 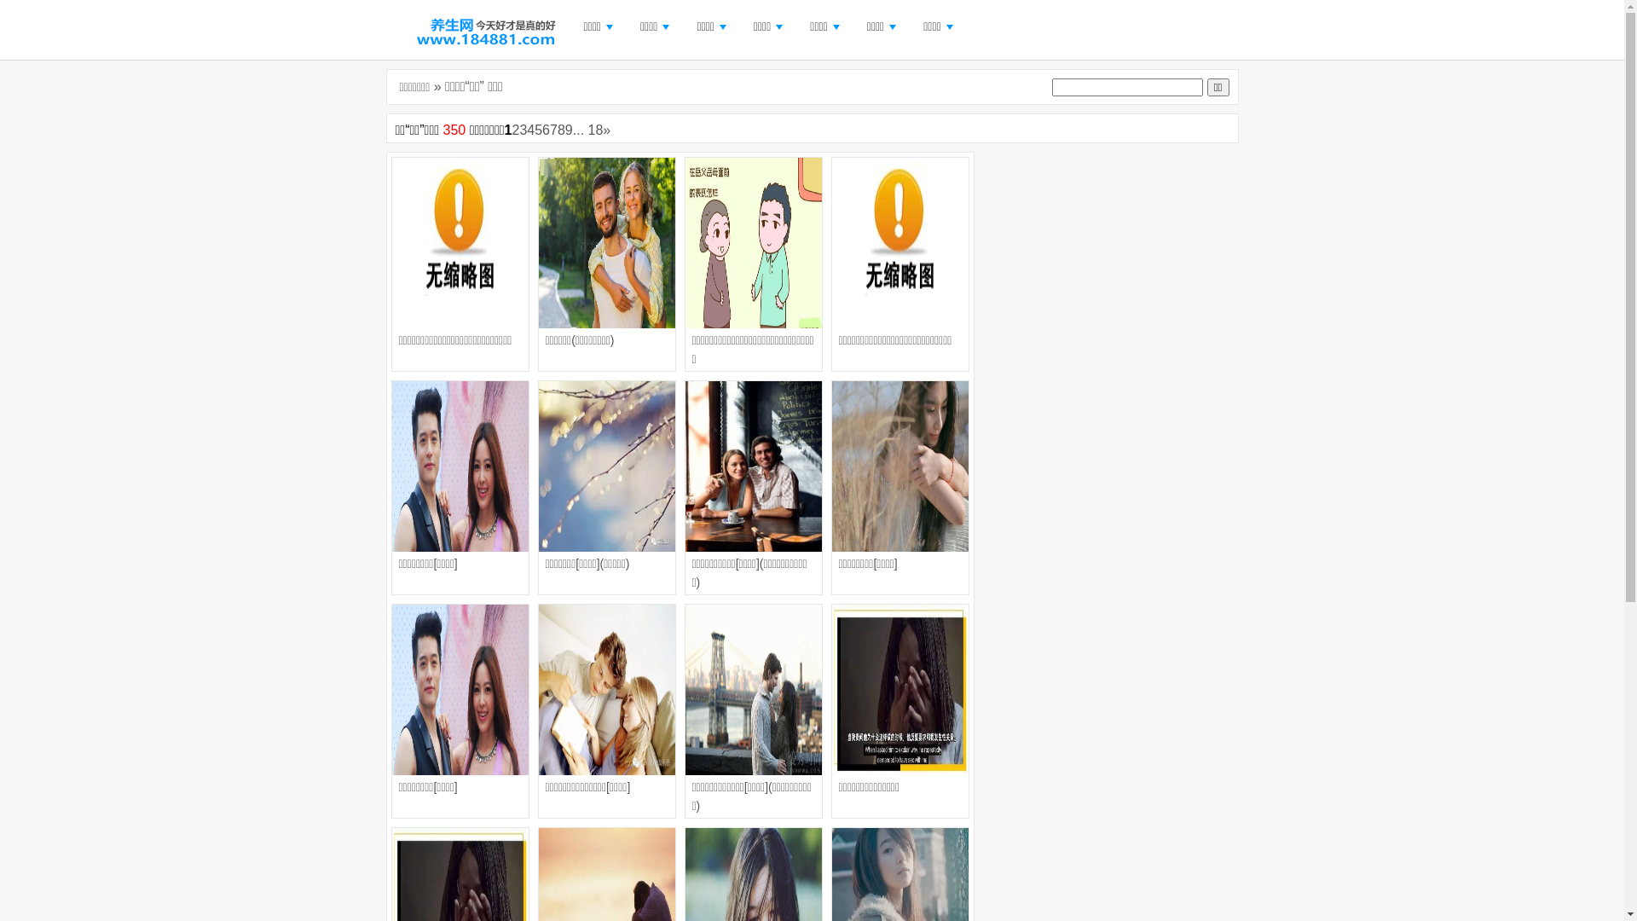 What do you see at coordinates (564, 129) in the screenshot?
I see `'9'` at bounding box center [564, 129].